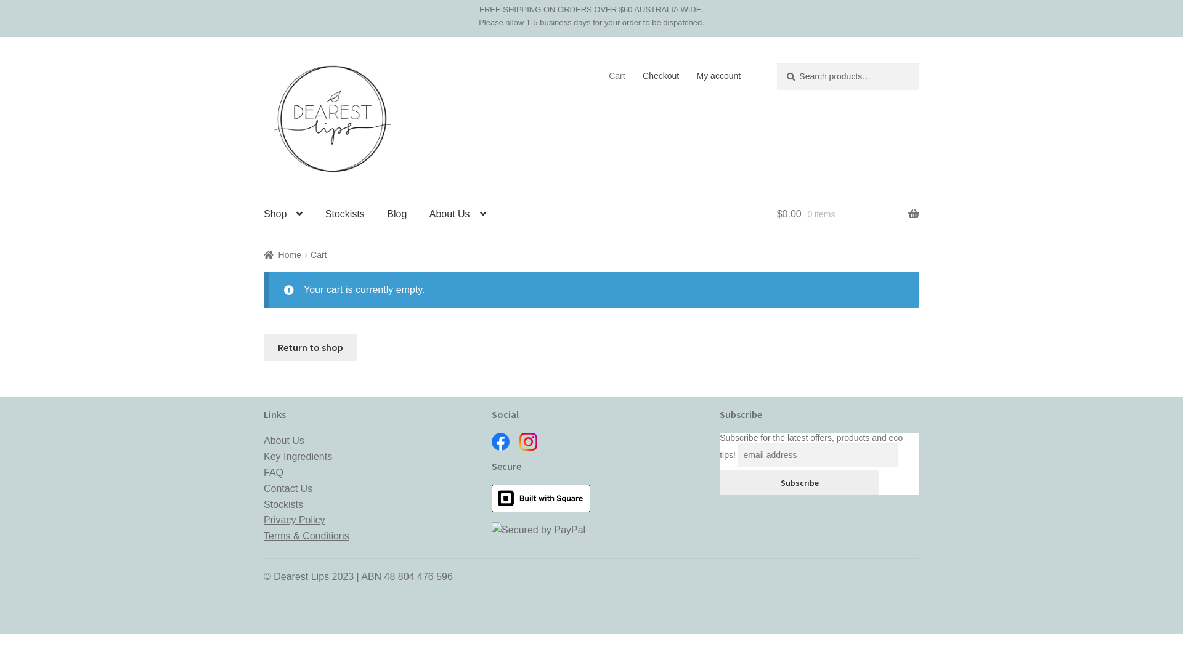 This screenshot has height=665, width=1183. Describe the element at coordinates (253, 213) in the screenshot. I see `'Shop'` at that location.